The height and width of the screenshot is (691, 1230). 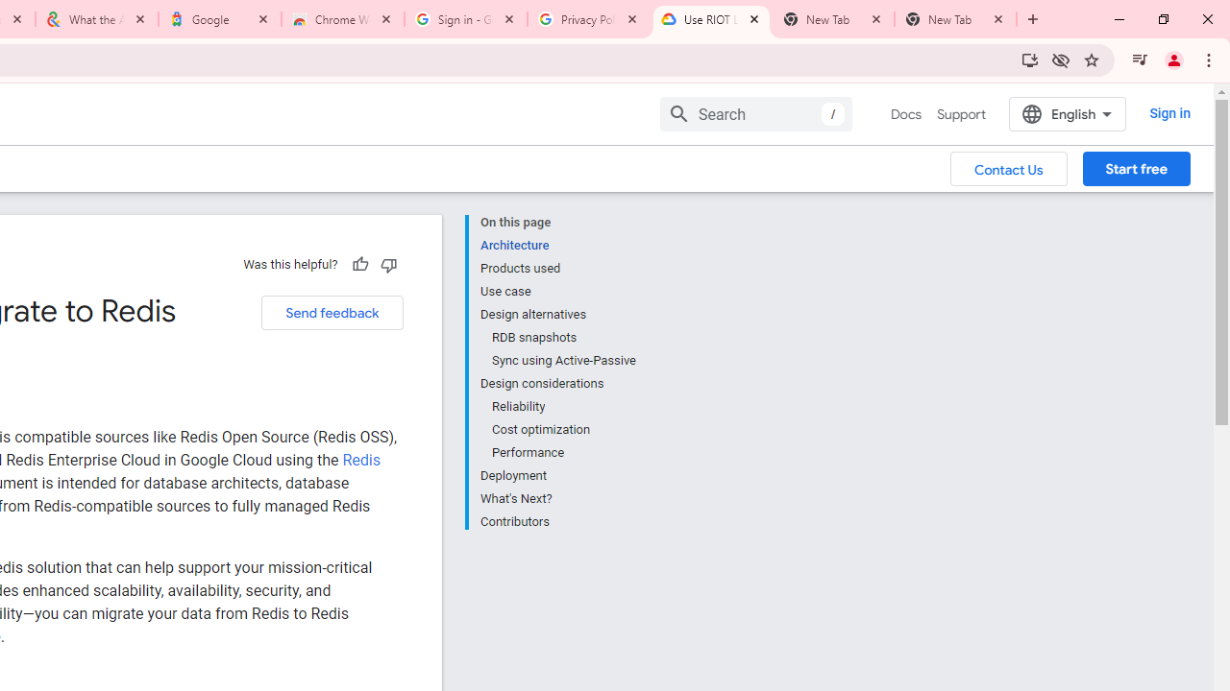 I want to click on 'Sync using Active-Passive', so click(x=562, y=361).